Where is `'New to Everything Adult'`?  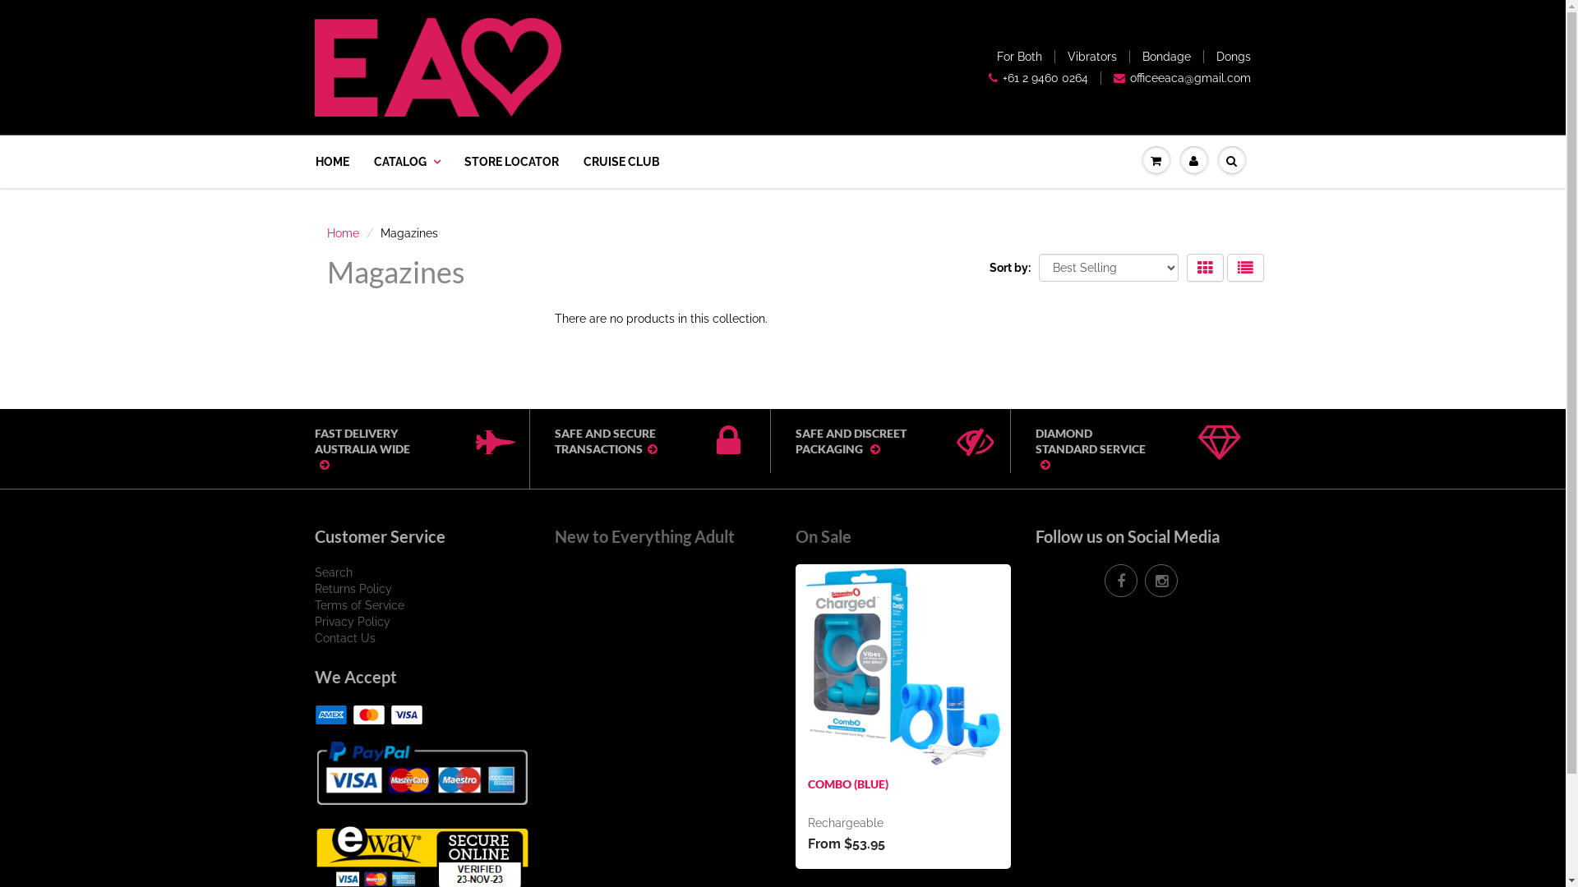
'New to Everything Adult' is located at coordinates (644, 535).